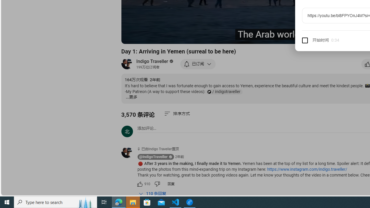 The image size is (370, 208). I want to click on 'https://www.instagram.com/indigo.traveller/', so click(307, 169).